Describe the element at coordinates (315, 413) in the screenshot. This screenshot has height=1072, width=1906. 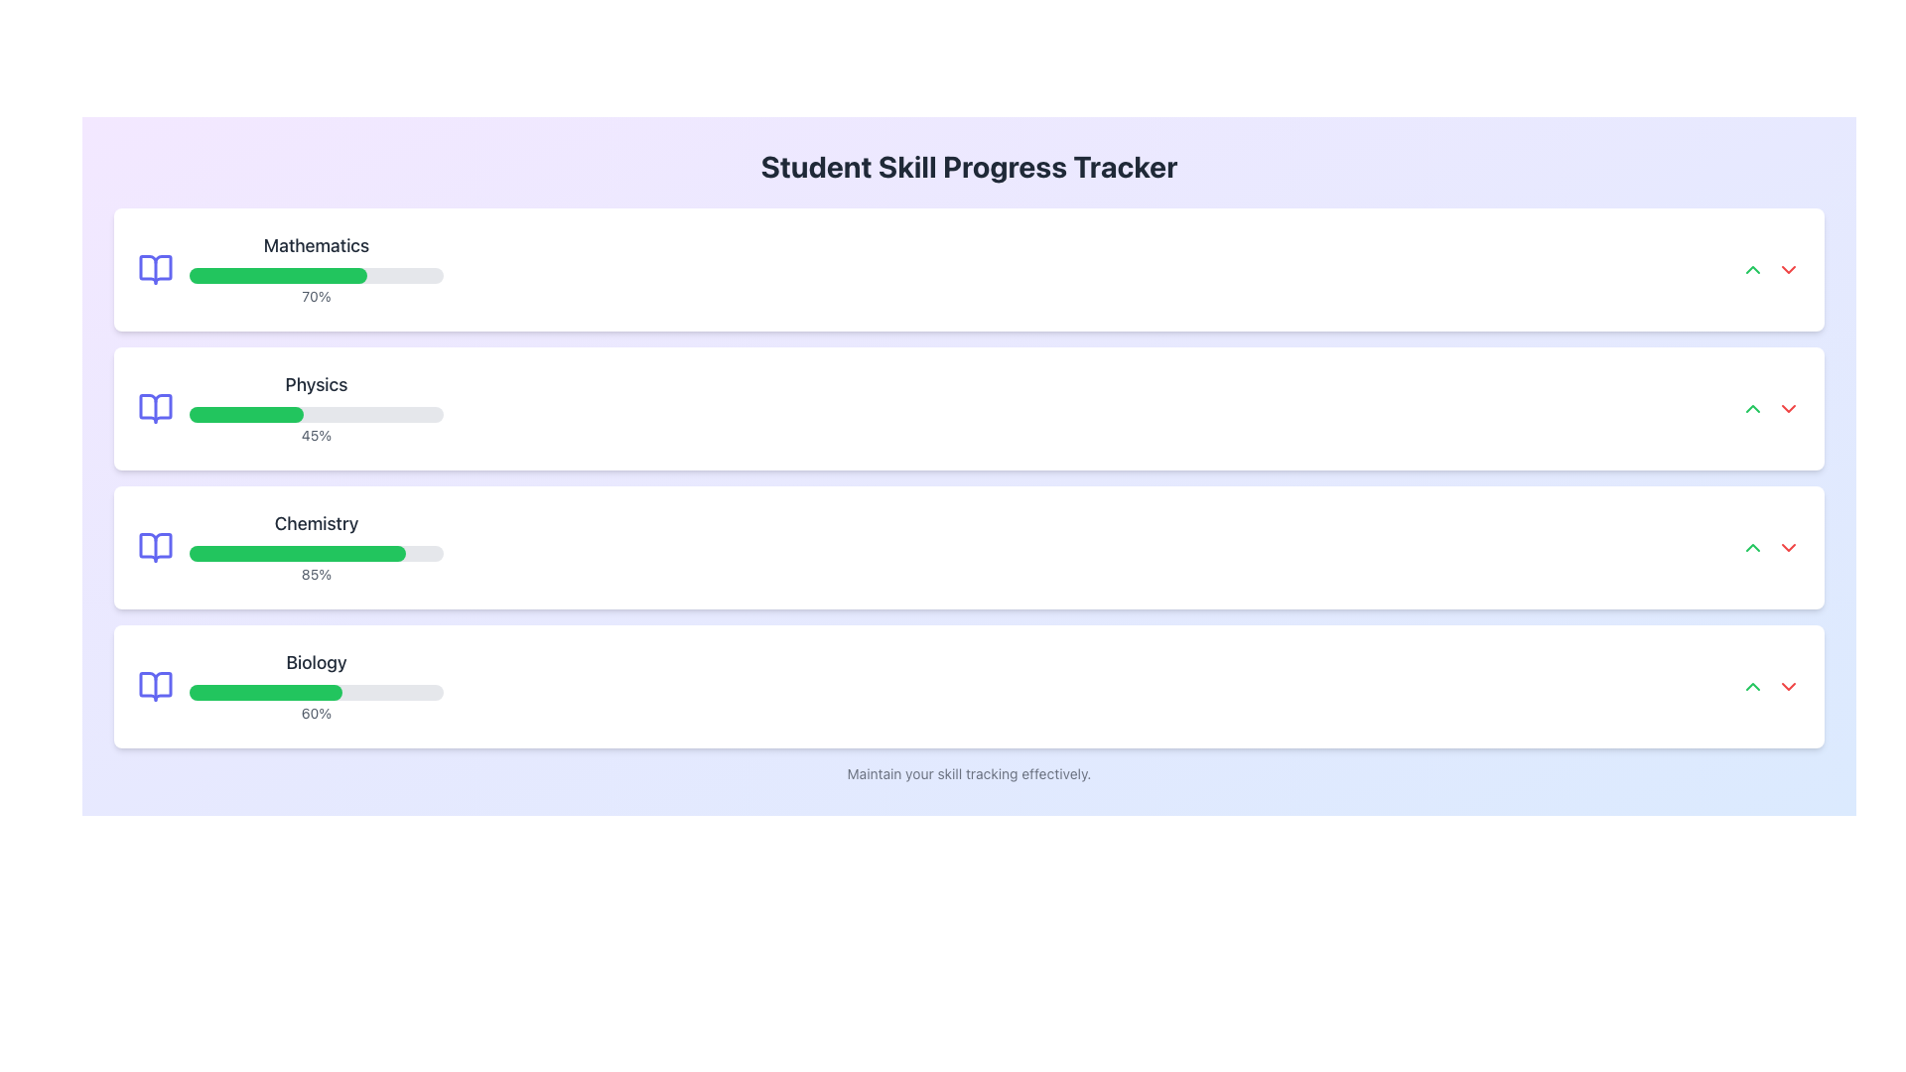
I see `the horizontal progress bar located below the bold text labeled 'Physics' and above the text '45%', which is filled to 45% with a green segment` at that location.